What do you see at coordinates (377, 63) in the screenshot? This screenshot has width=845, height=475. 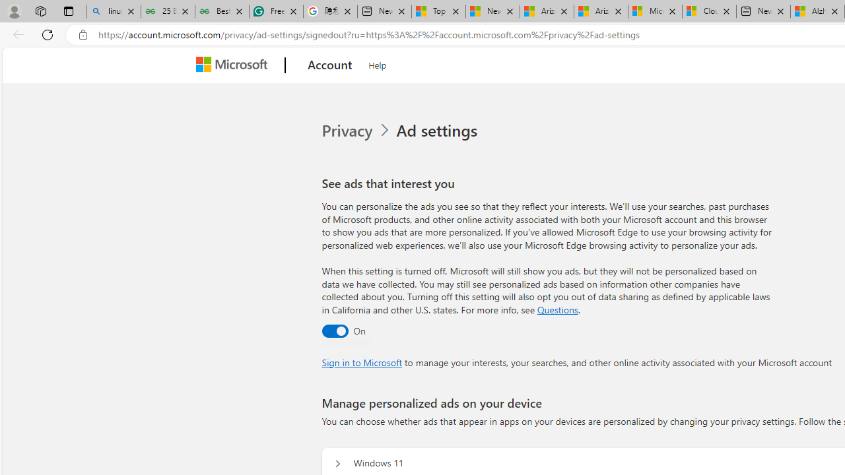 I see `'Help'` at bounding box center [377, 63].